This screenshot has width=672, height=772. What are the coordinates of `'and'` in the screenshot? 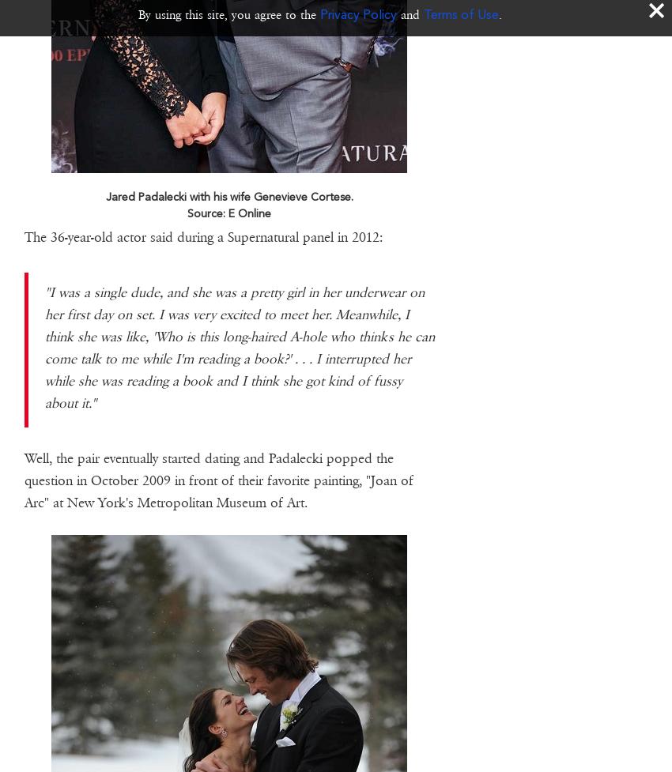 It's located at (397, 14).